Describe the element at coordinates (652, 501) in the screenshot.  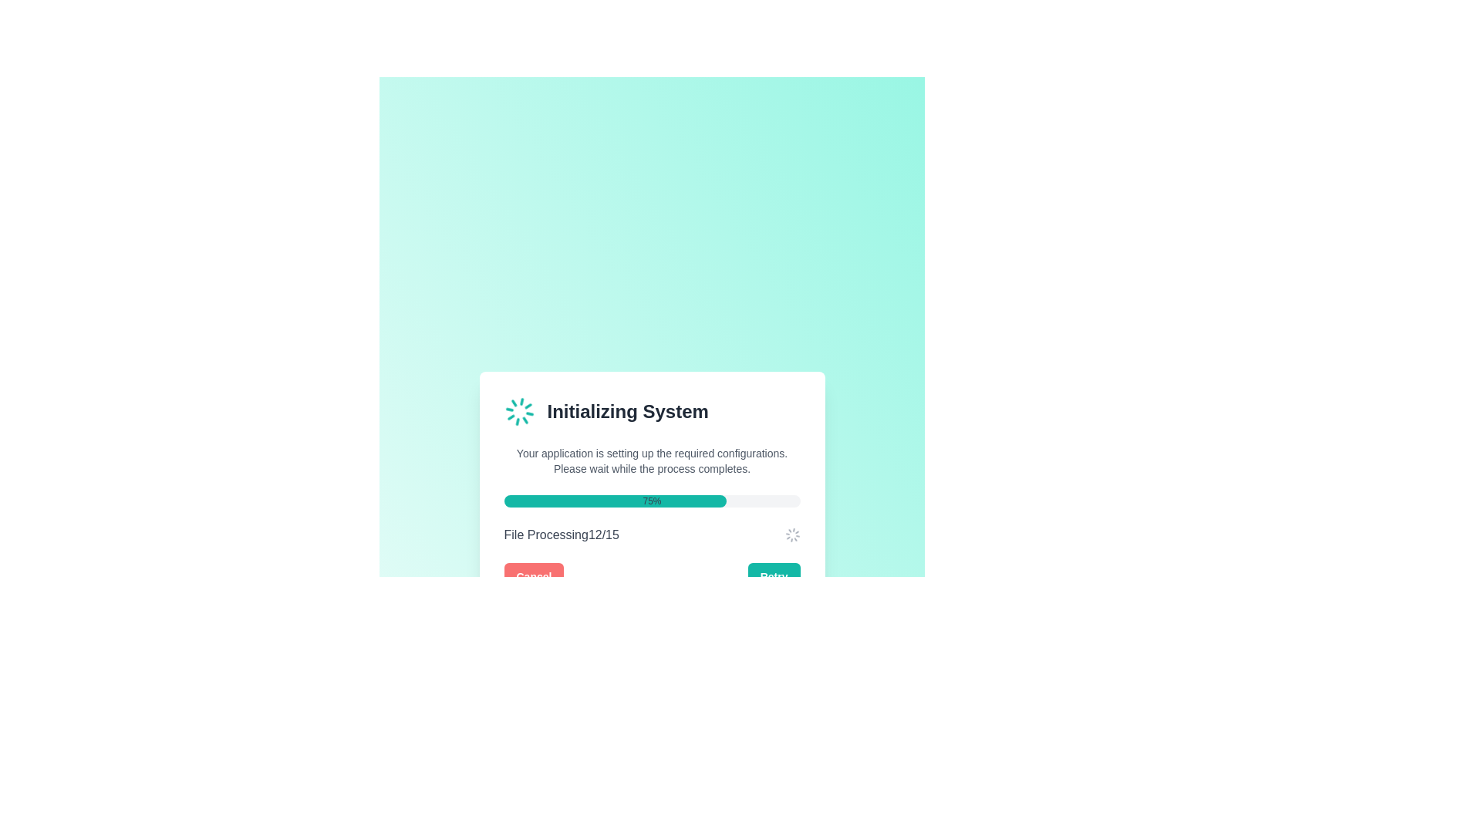
I see `the progress bar that visually represents a 75% completion of the process, located in the center of the card component` at that location.